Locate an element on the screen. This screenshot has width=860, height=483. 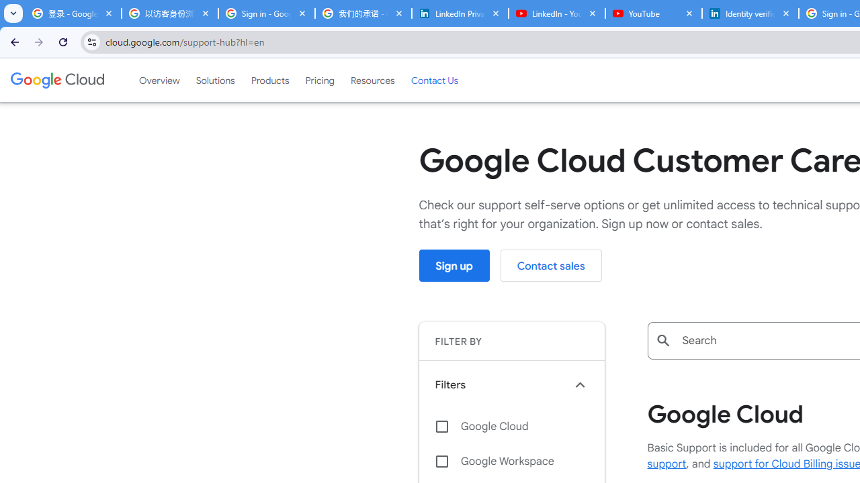
'Contact sales' is located at coordinates (550, 266).